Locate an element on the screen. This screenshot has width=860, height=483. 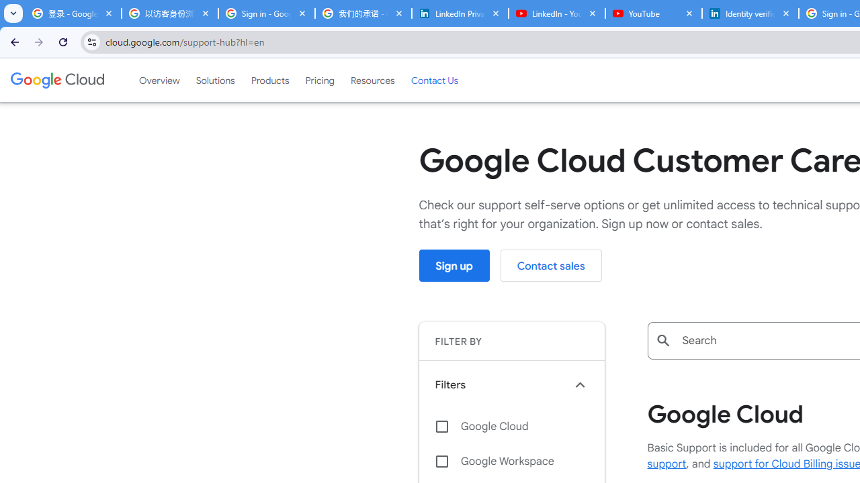
'Contact sales' is located at coordinates (550, 266).